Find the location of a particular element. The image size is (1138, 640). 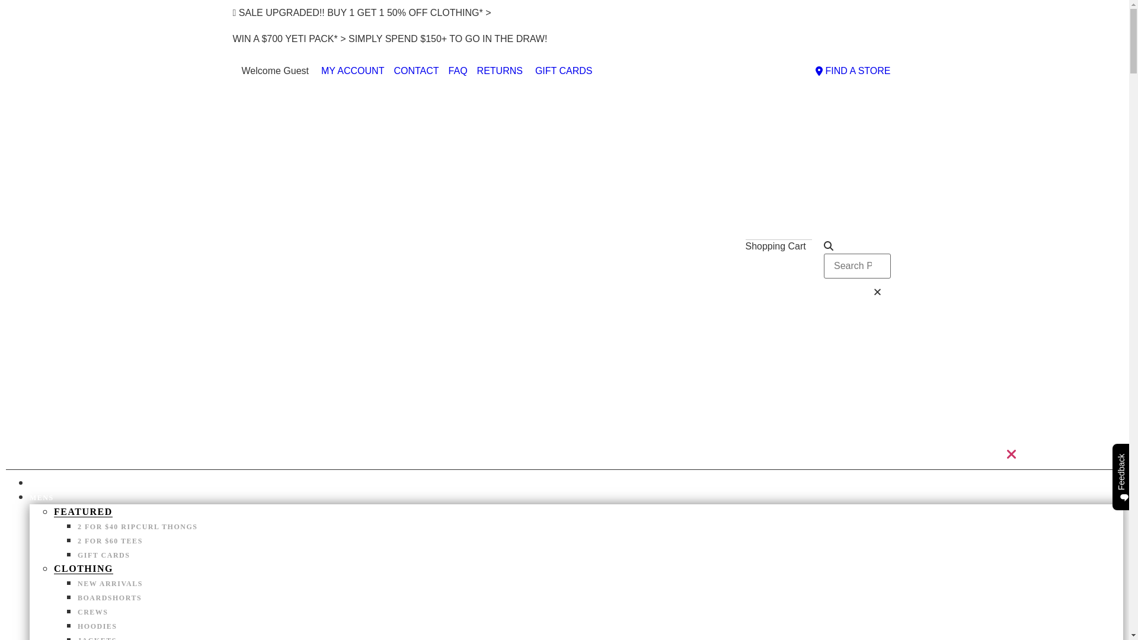

'GIFT CARDS' is located at coordinates (103, 555).